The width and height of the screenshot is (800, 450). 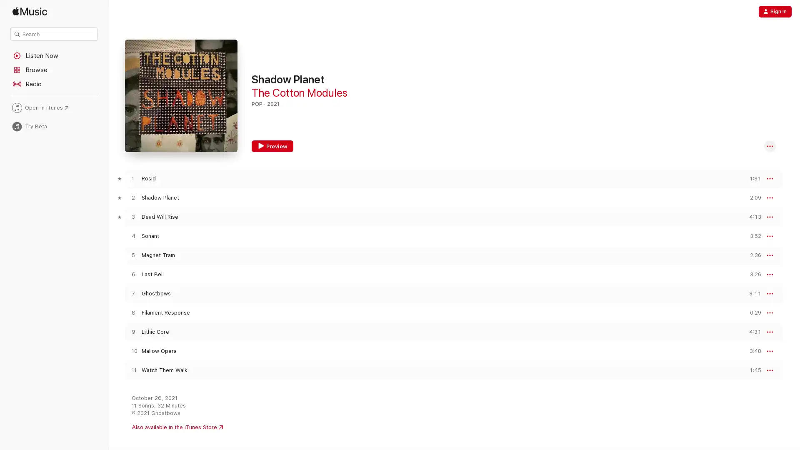 What do you see at coordinates (53, 107) in the screenshot?
I see `Open in iTunes` at bounding box center [53, 107].